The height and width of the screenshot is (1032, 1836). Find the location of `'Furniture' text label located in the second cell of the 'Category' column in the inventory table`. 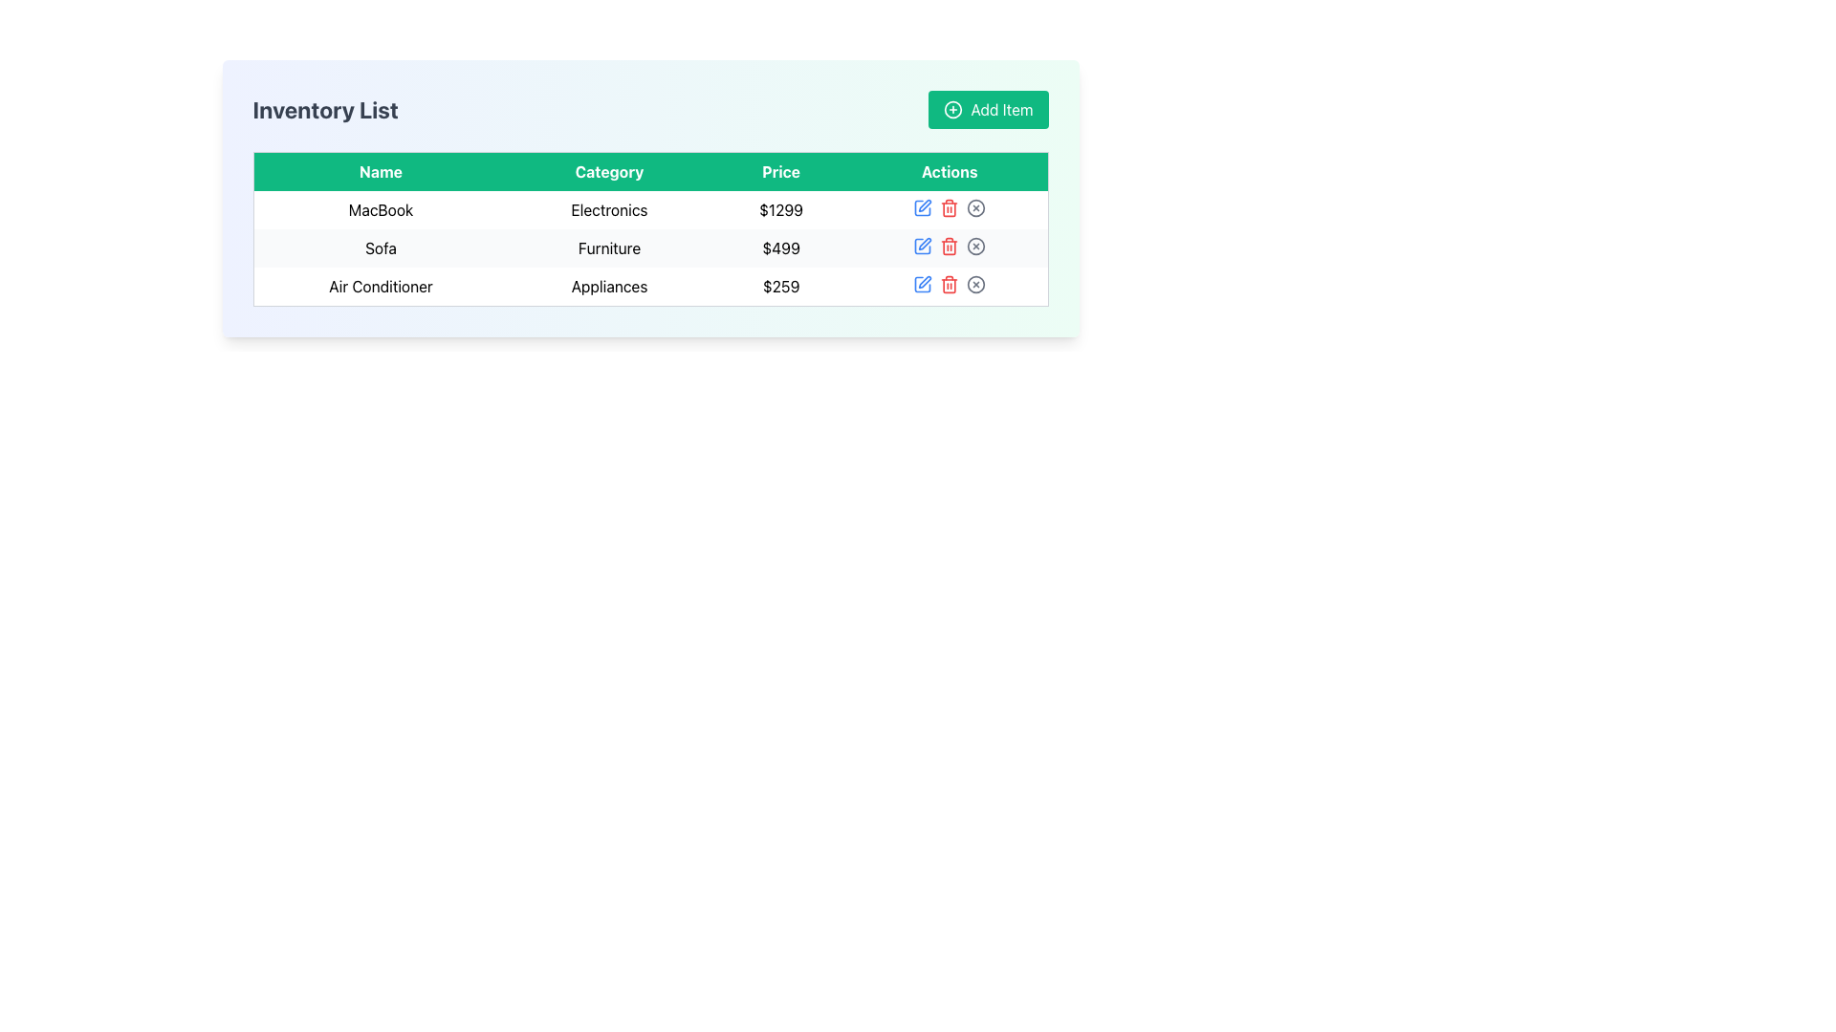

'Furniture' text label located in the second cell of the 'Category' column in the inventory table is located at coordinates (608, 247).